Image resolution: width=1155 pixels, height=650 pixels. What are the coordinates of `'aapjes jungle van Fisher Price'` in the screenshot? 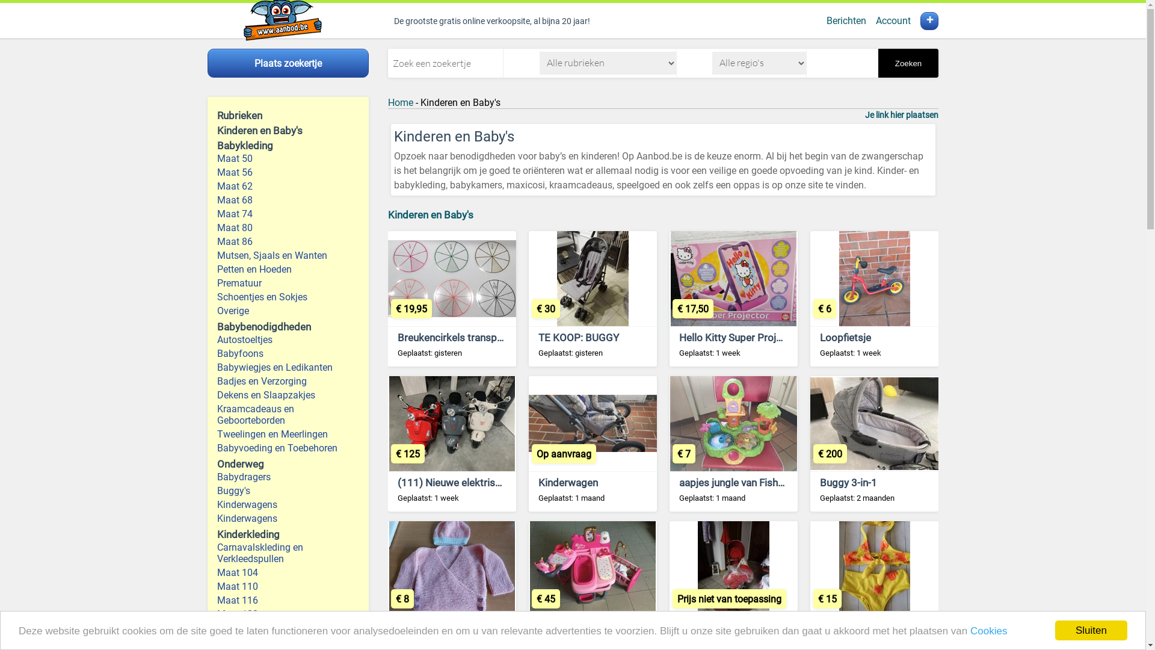 It's located at (745, 482).